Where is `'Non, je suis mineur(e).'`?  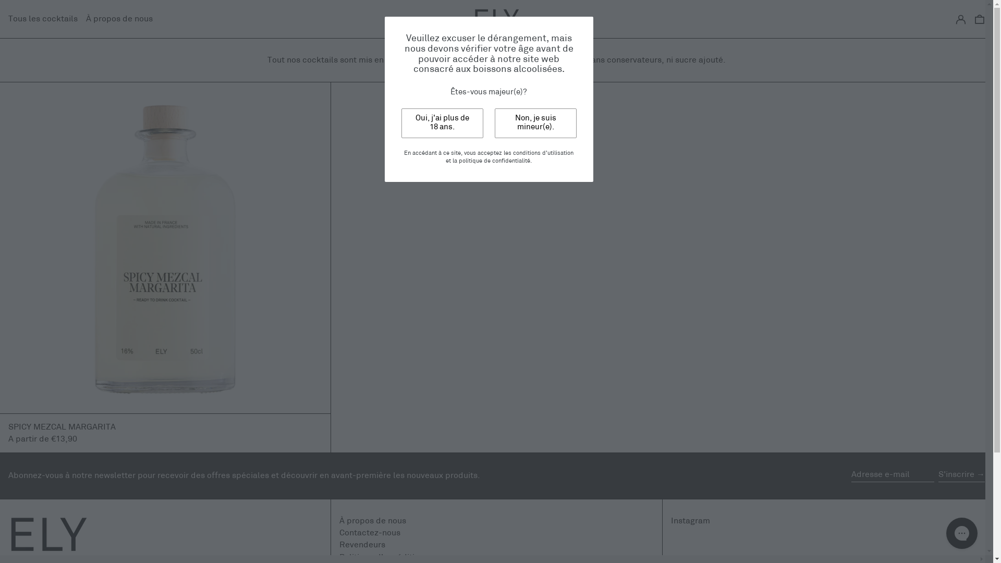
'Non, je suis mineur(e).' is located at coordinates (494, 123).